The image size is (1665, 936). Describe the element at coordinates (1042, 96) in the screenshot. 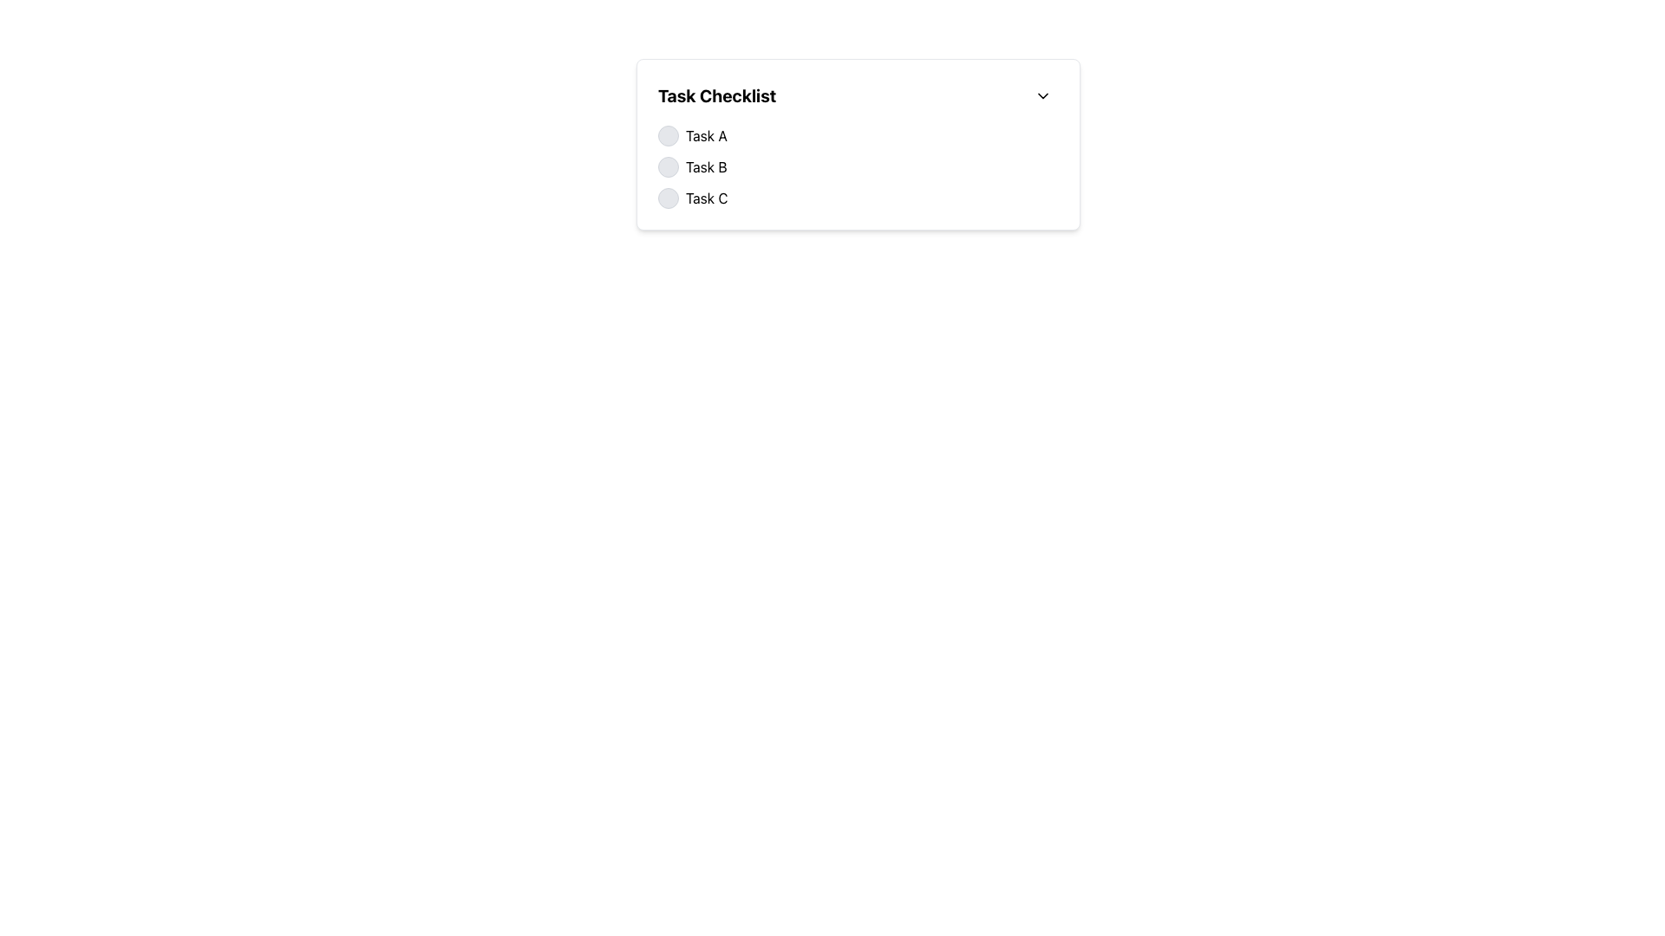

I see `the chevron down icon located in the top-right corner of the task checklist card` at that location.